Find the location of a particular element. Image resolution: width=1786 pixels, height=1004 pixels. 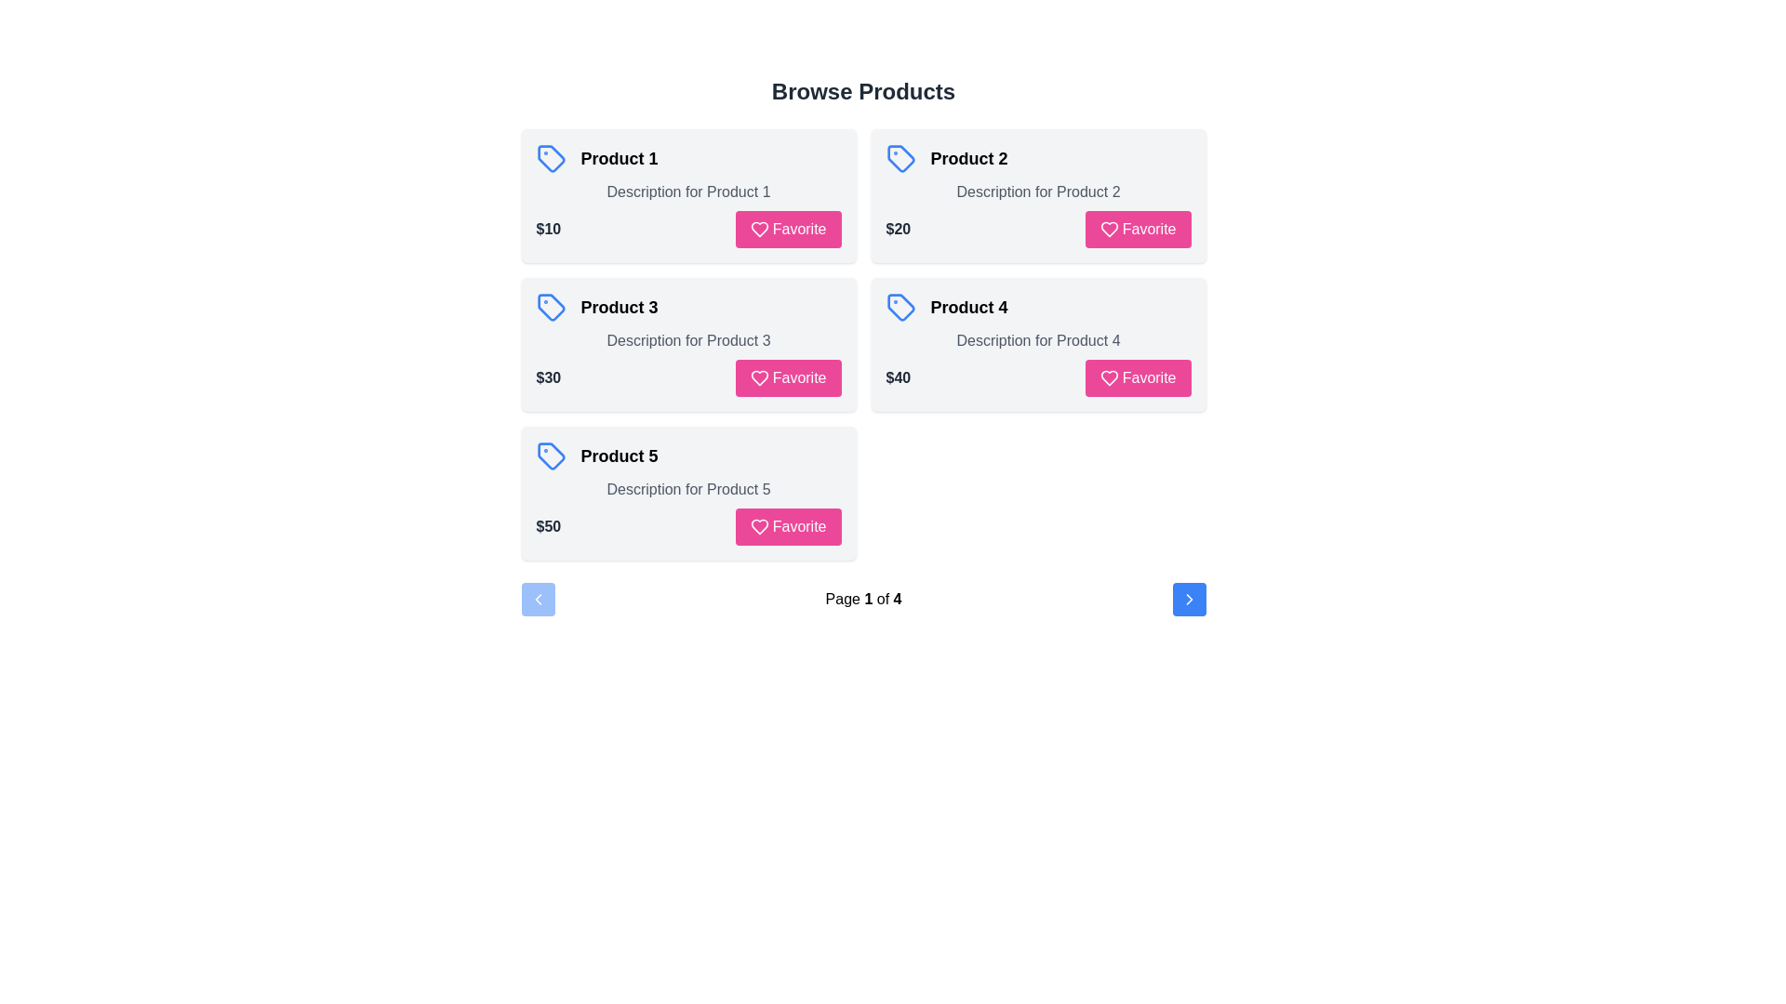

the icon resembling a tag with a blue outline, positioned before the text 'Product 1' in the first product block of the grid is located at coordinates (550, 157).